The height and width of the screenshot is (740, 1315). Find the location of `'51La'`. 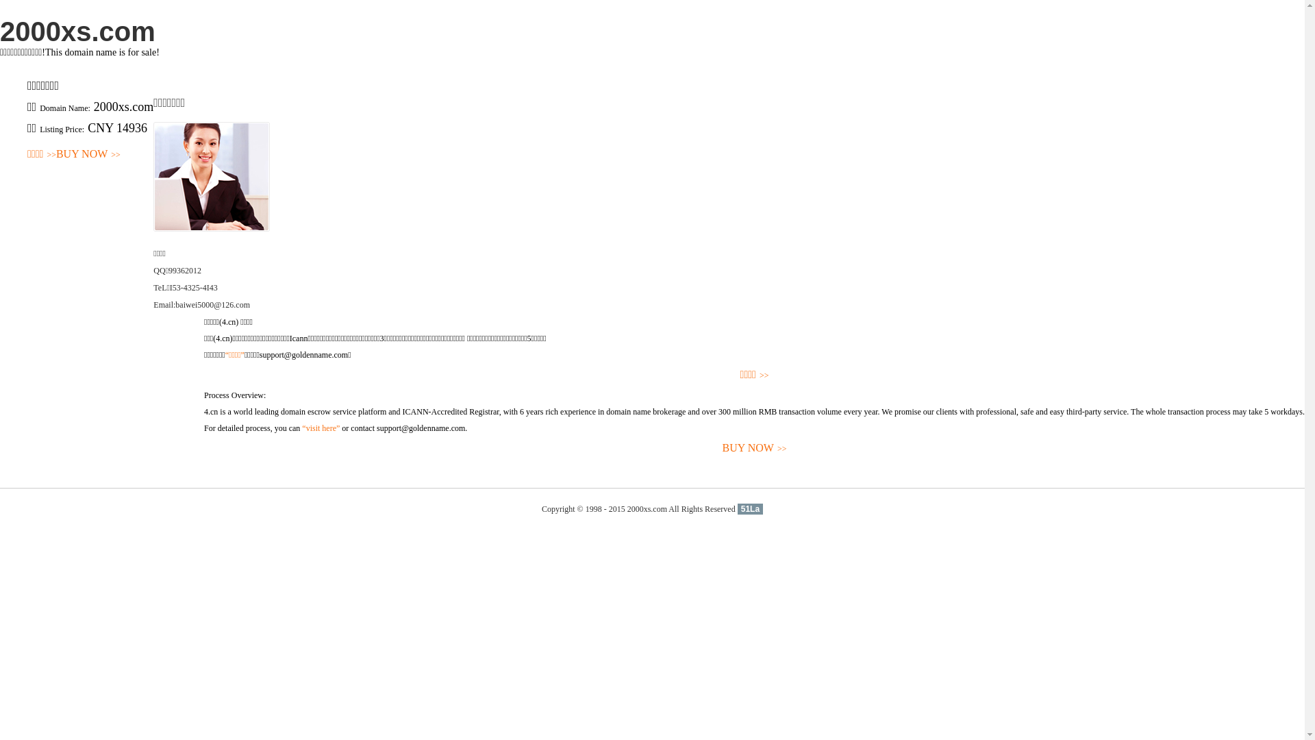

'51La' is located at coordinates (749, 509).